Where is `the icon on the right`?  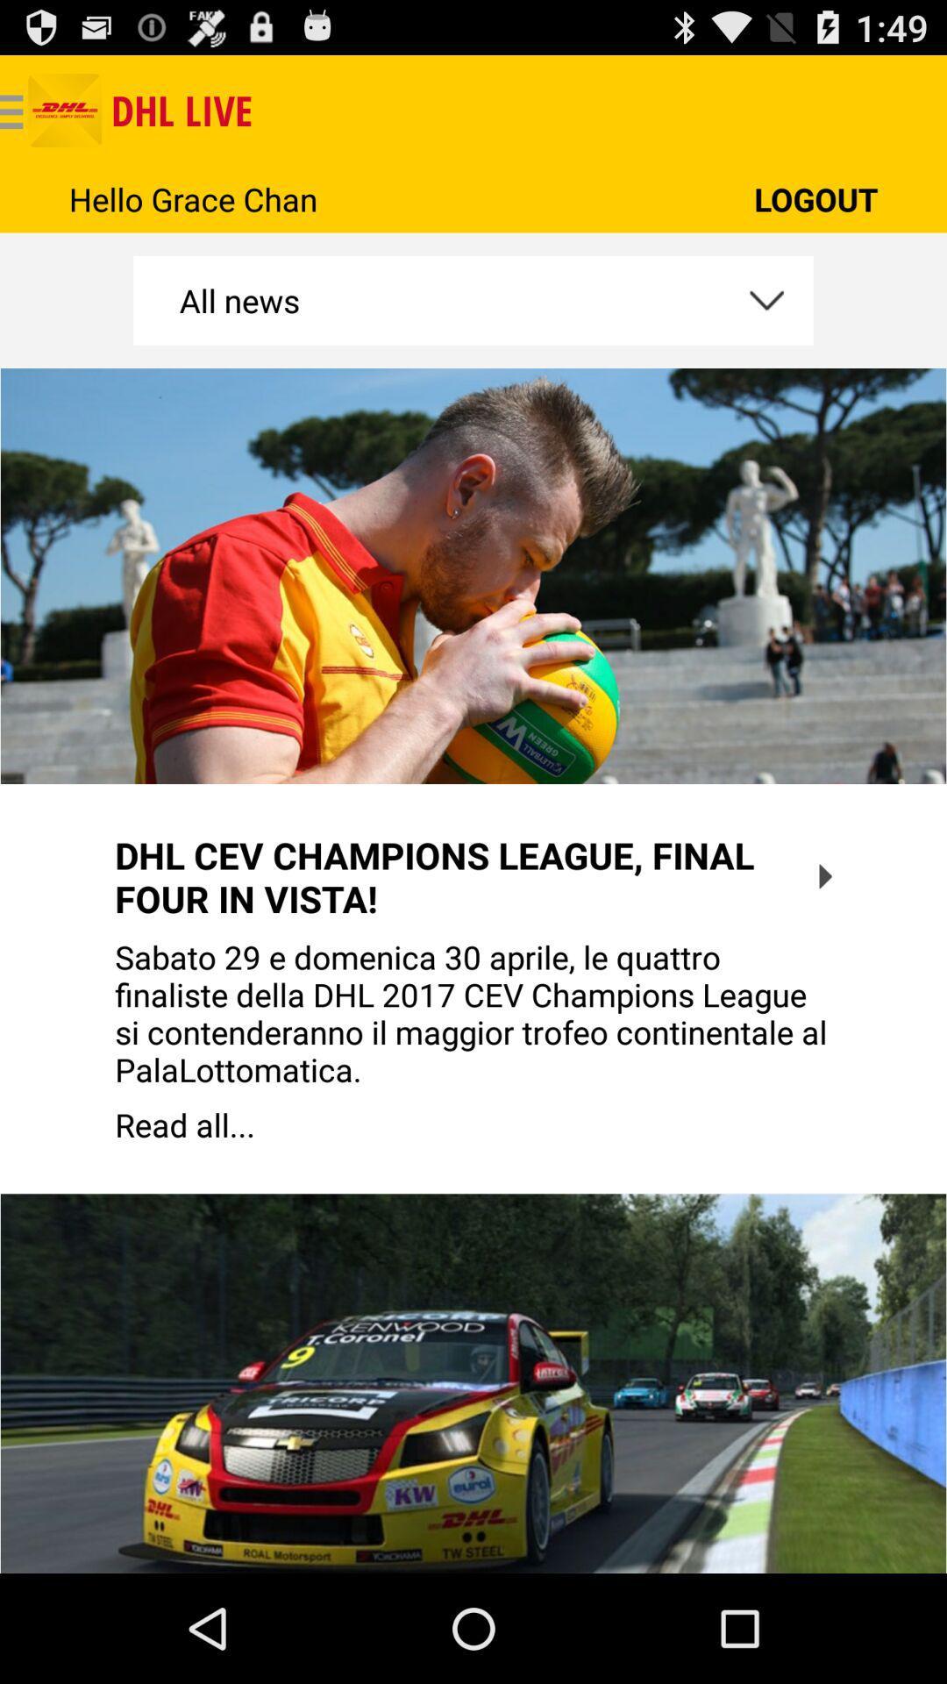
the icon on the right is located at coordinates (825, 876).